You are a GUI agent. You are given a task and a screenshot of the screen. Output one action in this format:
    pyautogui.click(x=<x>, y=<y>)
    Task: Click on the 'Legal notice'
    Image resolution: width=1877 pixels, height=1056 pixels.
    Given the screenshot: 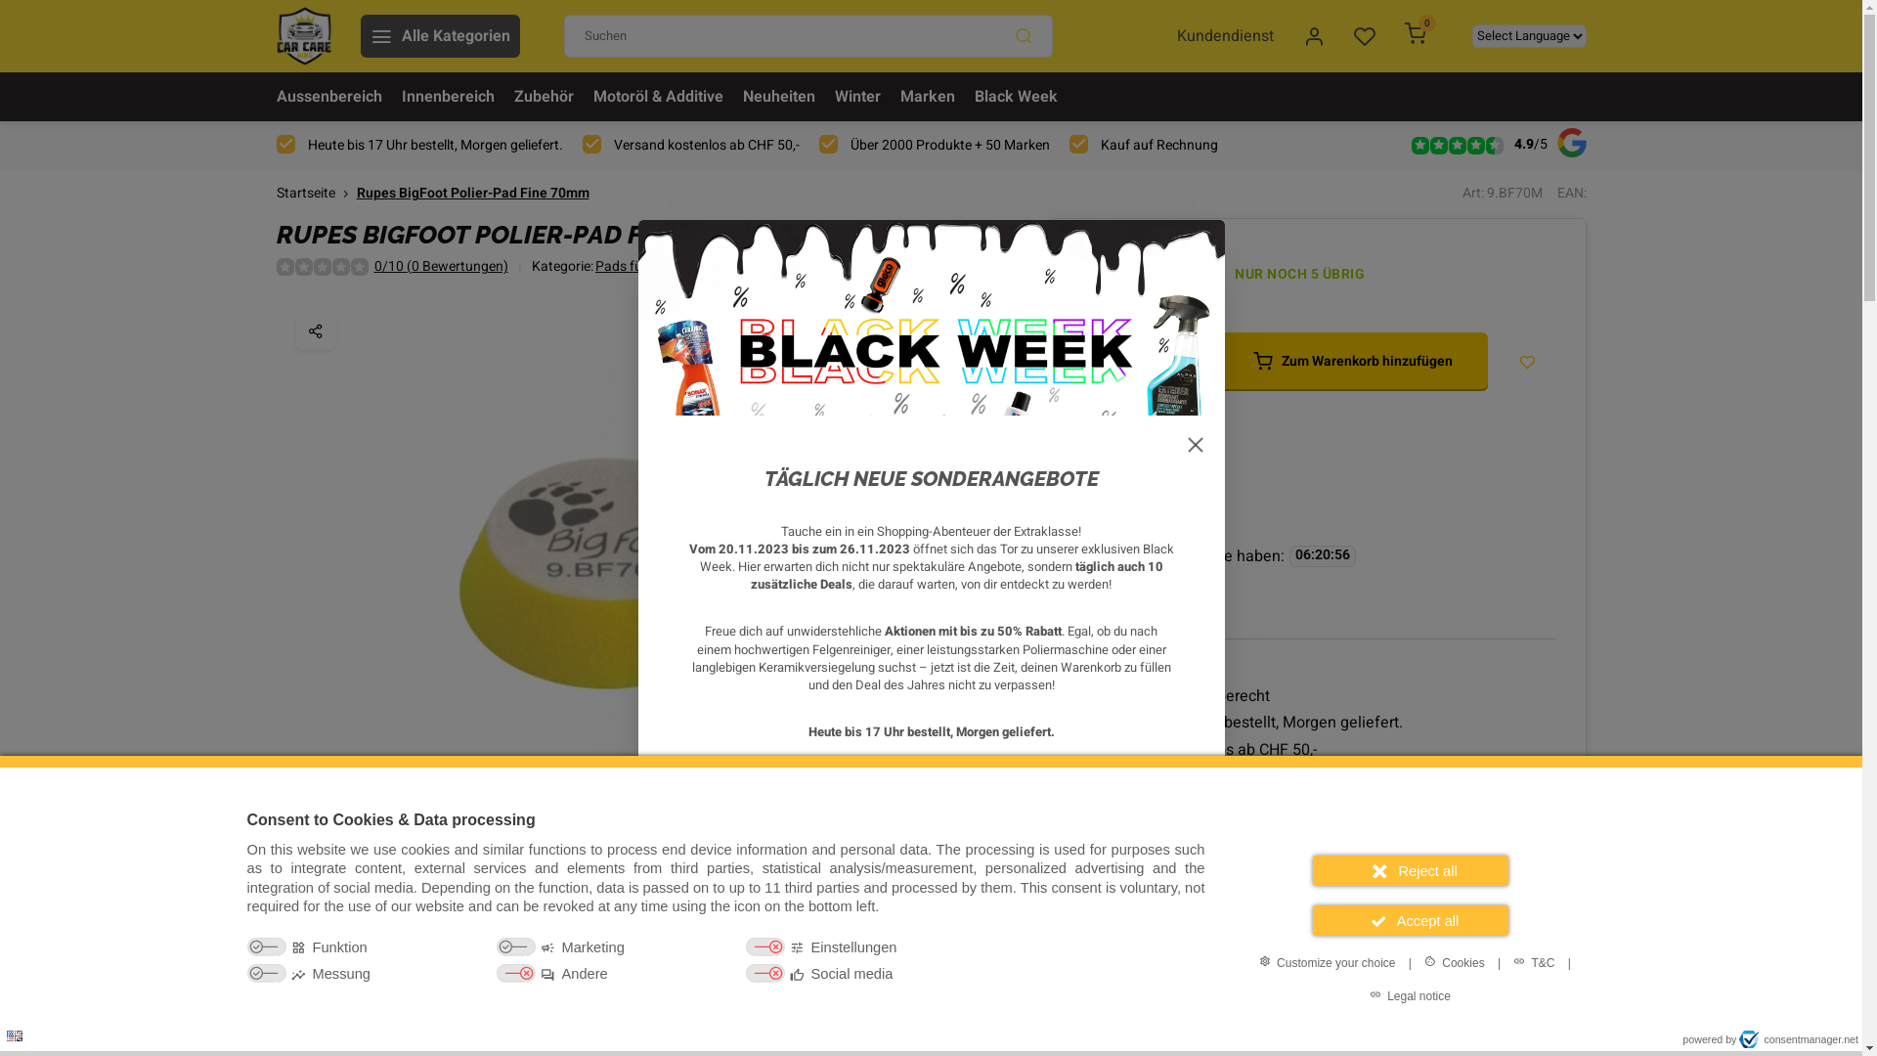 What is the action you would take?
    pyautogui.click(x=1410, y=995)
    